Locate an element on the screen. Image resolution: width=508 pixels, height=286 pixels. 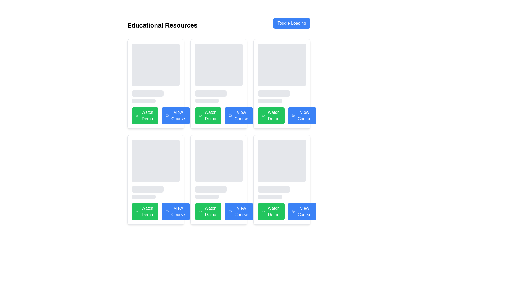
the button labeled 'Watch Demo' located at the bottom left corner of a card-like component to enable keyboard interaction is located at coordinates (155, 211).